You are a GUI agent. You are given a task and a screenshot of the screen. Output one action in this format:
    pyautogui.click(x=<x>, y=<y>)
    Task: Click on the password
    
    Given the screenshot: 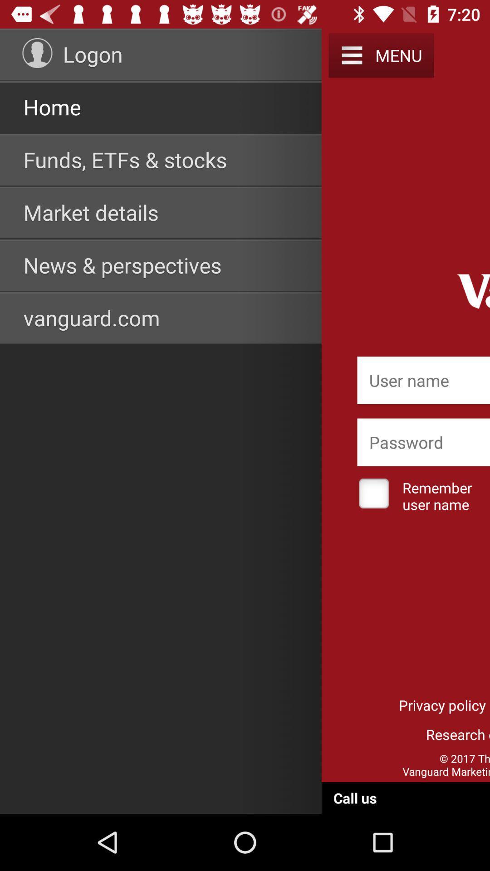 What is the action you would take?
    pyautogui.click(x=423, y=442)
    